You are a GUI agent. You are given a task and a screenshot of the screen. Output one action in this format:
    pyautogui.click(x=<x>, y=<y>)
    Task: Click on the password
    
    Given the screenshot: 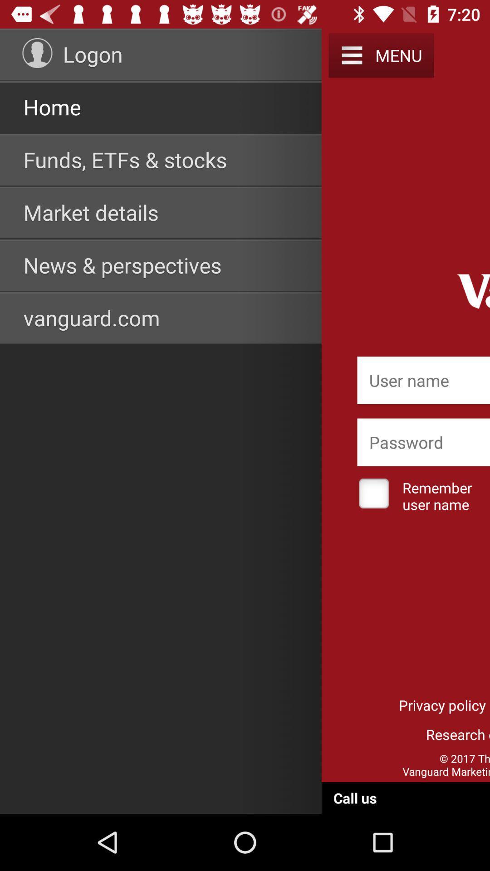 What is the action you would take?
    pyautogui.click(x=423, y=442)
    